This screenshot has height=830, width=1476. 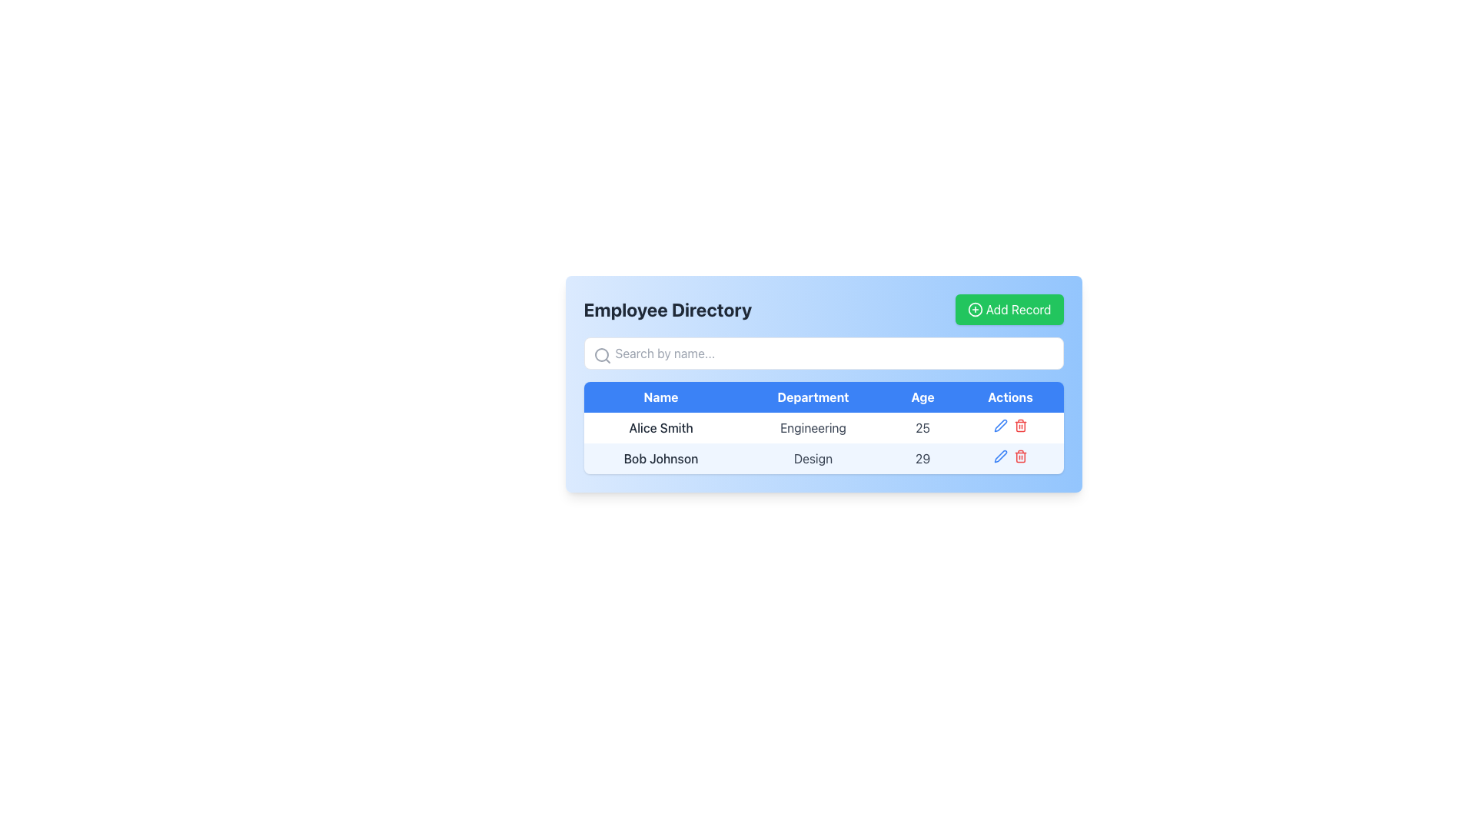 I want to click on the Table Header Cell that categorizes data related to names, located at the top-left corner of the data table body, so click(x=660, y=396).